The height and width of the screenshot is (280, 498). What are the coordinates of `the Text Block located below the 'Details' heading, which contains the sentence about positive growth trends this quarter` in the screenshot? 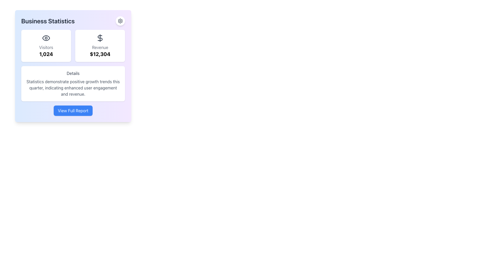 It's located at (73, 88).